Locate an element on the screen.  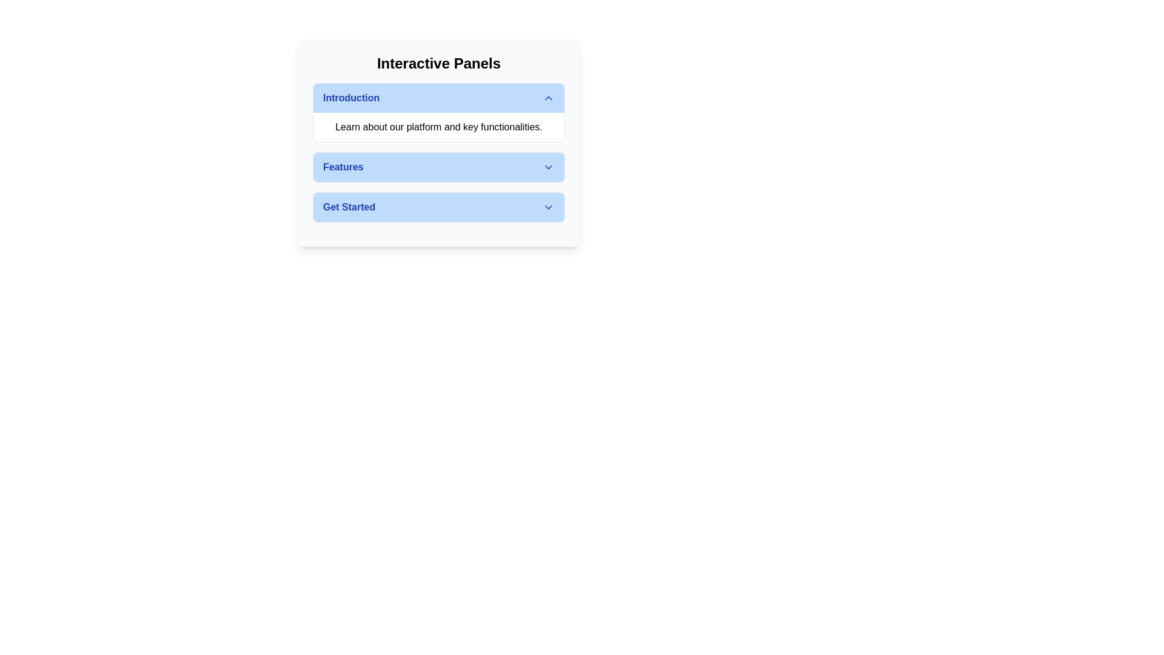
the downward chevron icon styled in blue located on the right side of the 'Features' section is located at coordinates (548, 167).